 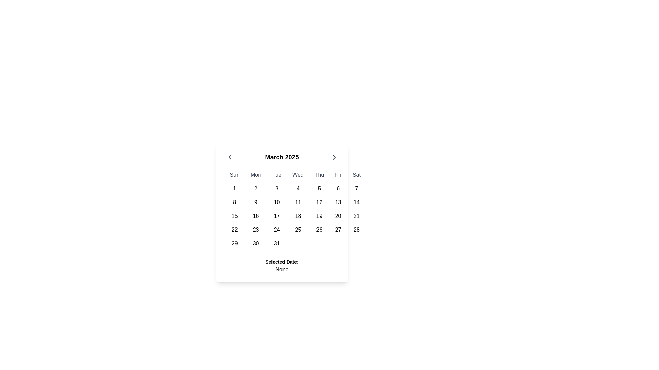 What do you see at coordinates (319, 202) in the screenshot?
I see `the non-interactive button representing the 12th day of the month in the calendar` at bounding box center [319, 202].